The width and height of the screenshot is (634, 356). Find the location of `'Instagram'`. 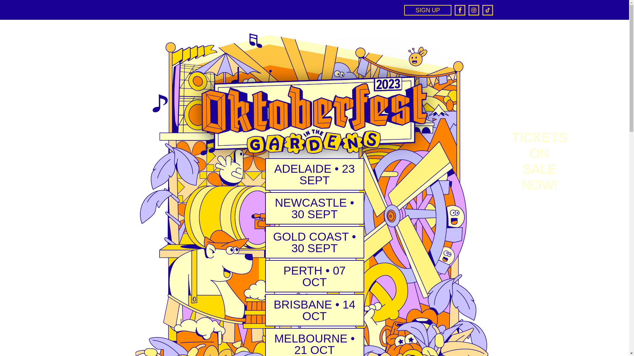

'Instagram' is located at coordinates (473, 10).